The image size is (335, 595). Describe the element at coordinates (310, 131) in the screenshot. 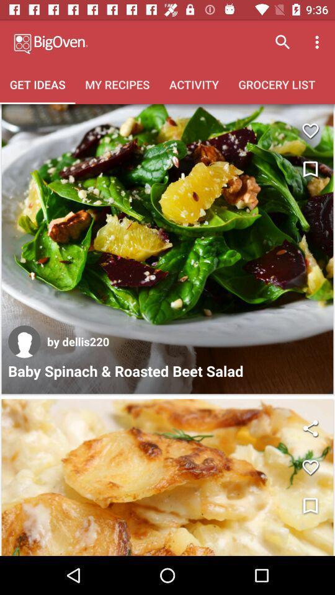

I see `the favorite` at that location.